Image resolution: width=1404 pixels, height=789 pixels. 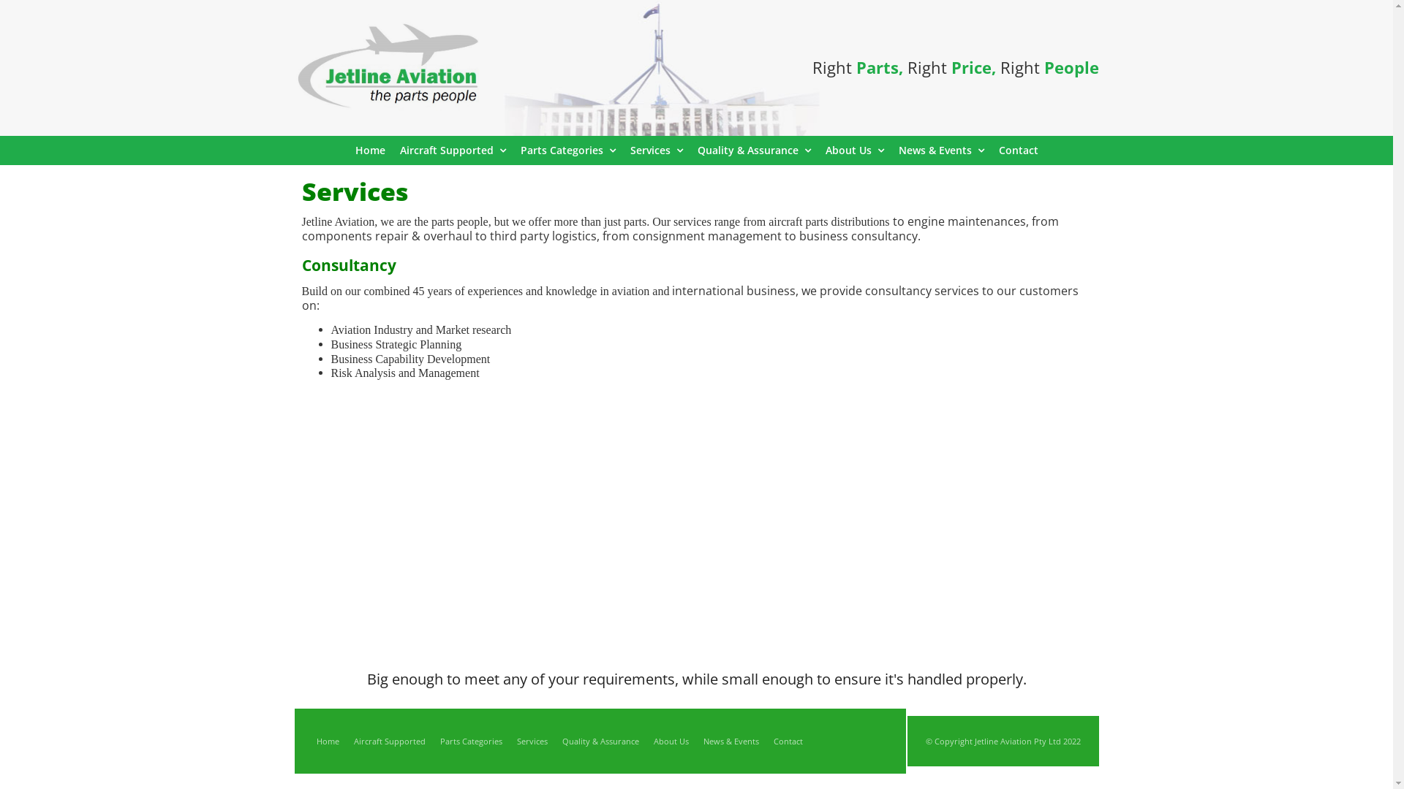 What do you see at coordinates (670, 741) in the screenshot?
I see `'About Us'` at bounding box center [670, 741].